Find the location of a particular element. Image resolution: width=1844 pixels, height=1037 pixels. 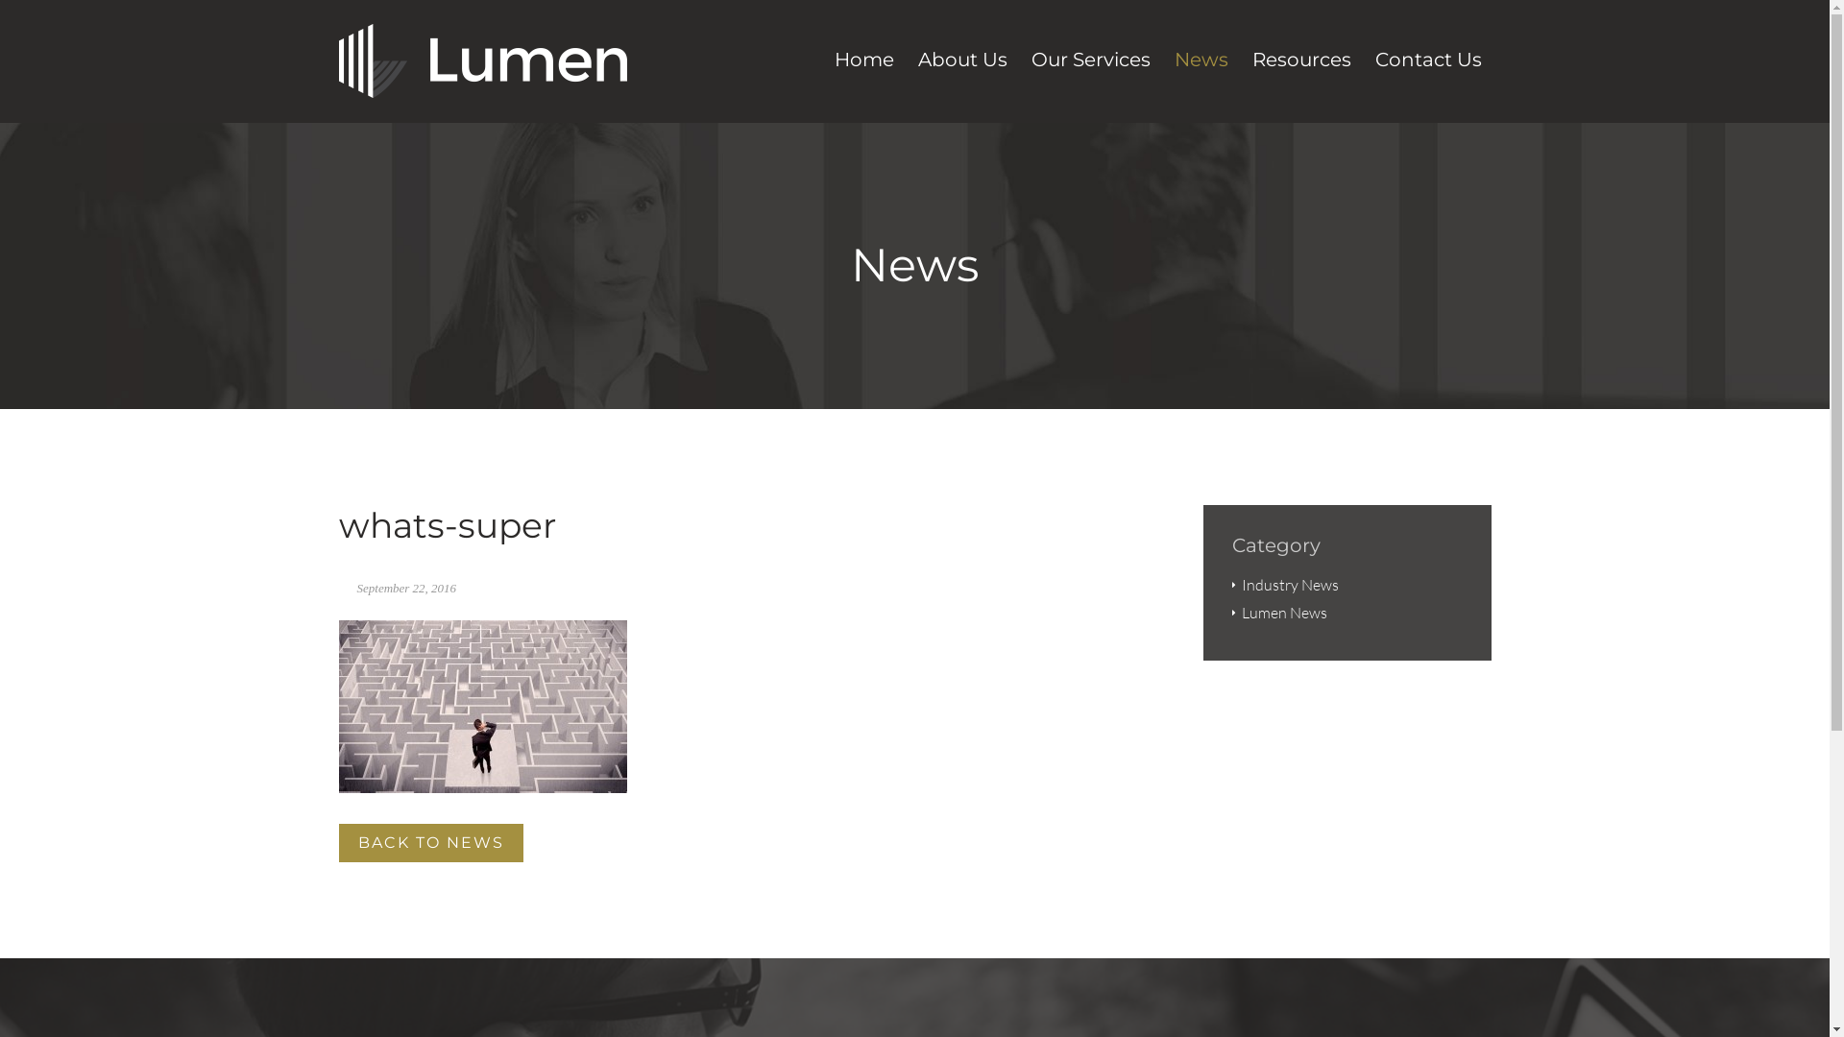

'Resources' is located at coordinates (1301, 62).